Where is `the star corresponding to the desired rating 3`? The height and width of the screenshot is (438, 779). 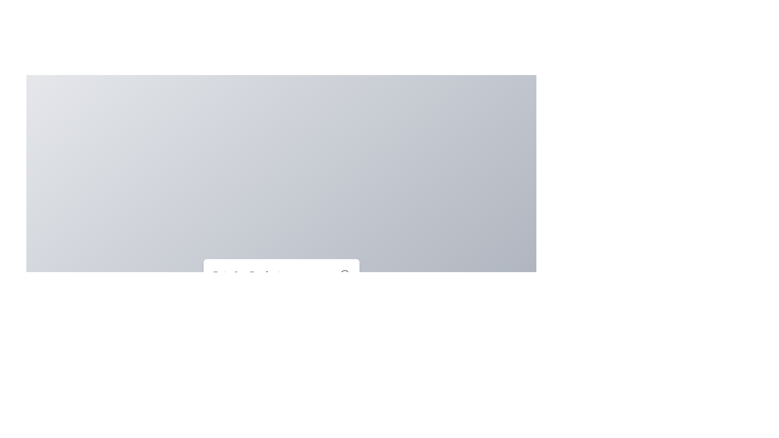
the star corresponding to the desired rating 3 is located at coordinates (281, 311).